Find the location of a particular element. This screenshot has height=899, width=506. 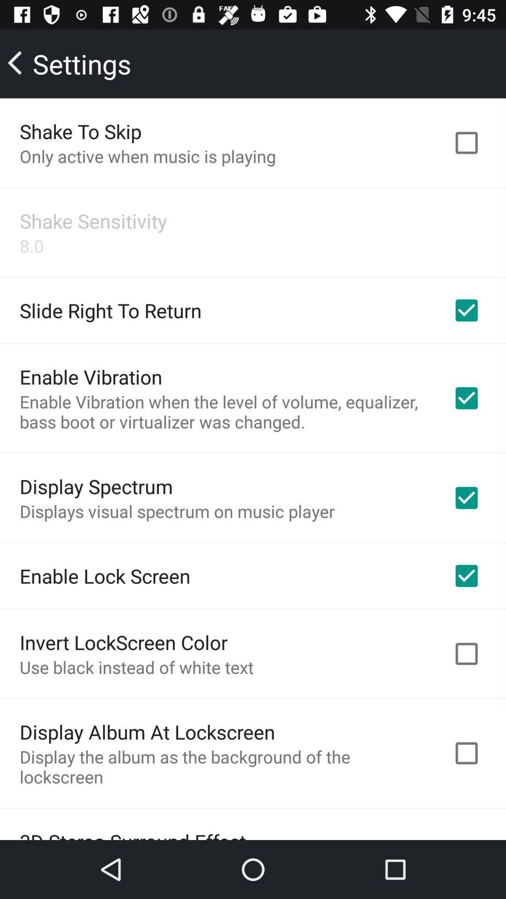

use black instead app is located at coordinates (136, 667).